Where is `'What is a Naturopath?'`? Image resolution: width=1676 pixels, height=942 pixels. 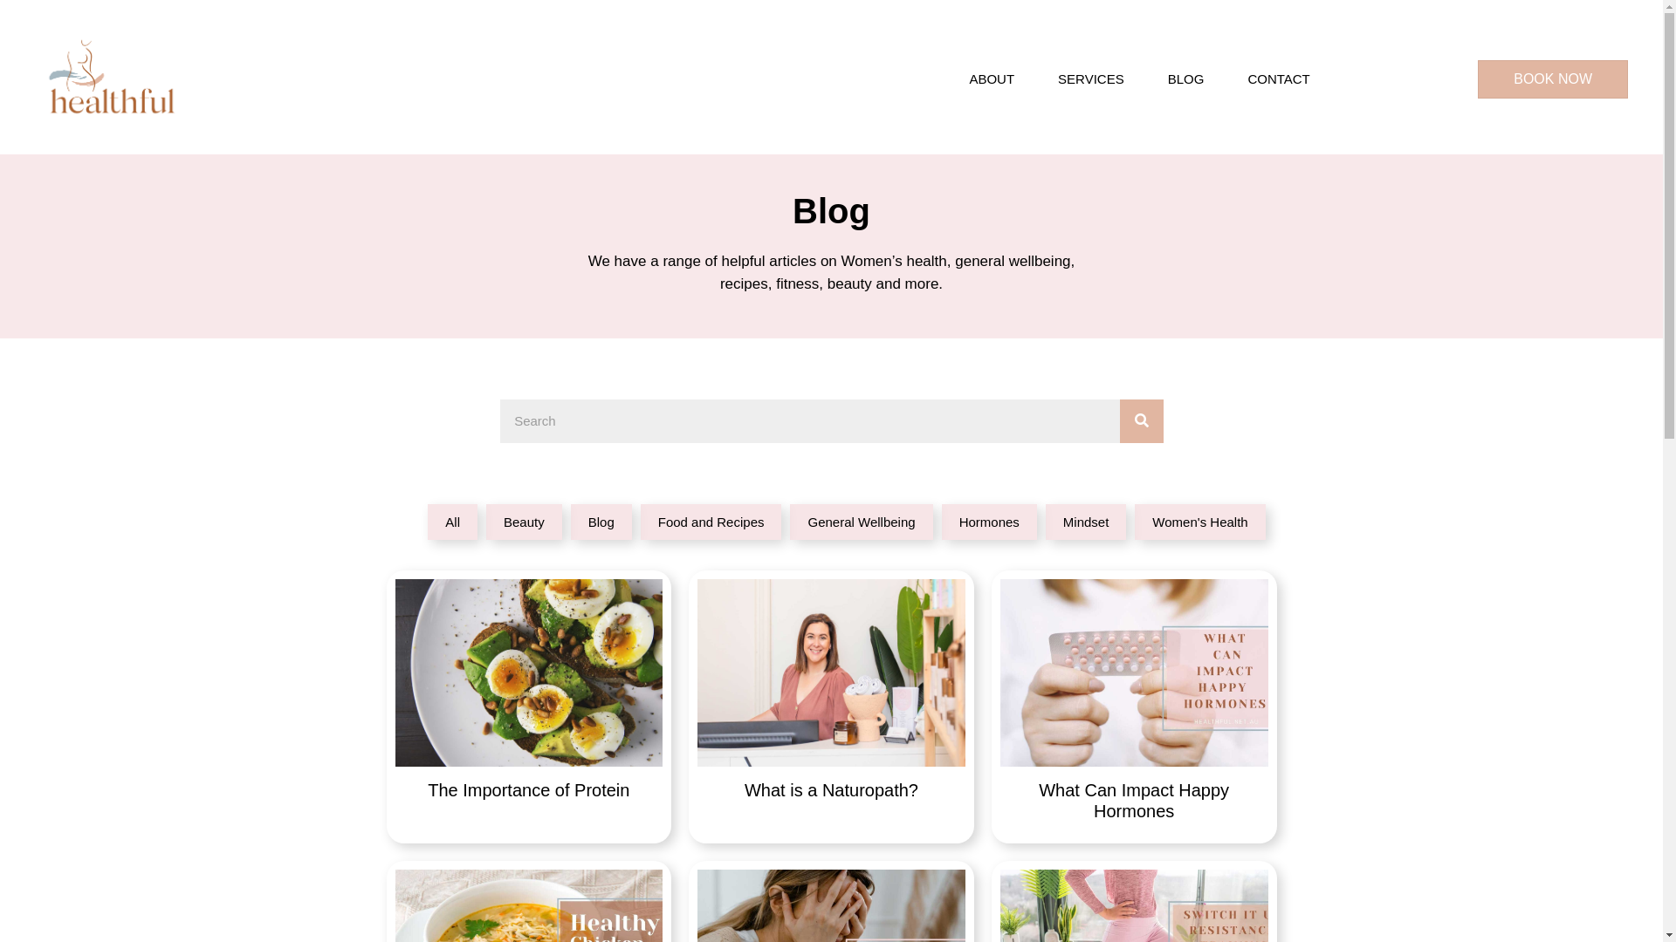 'What is a Naturopath?' is located at coordinates (830, 706).